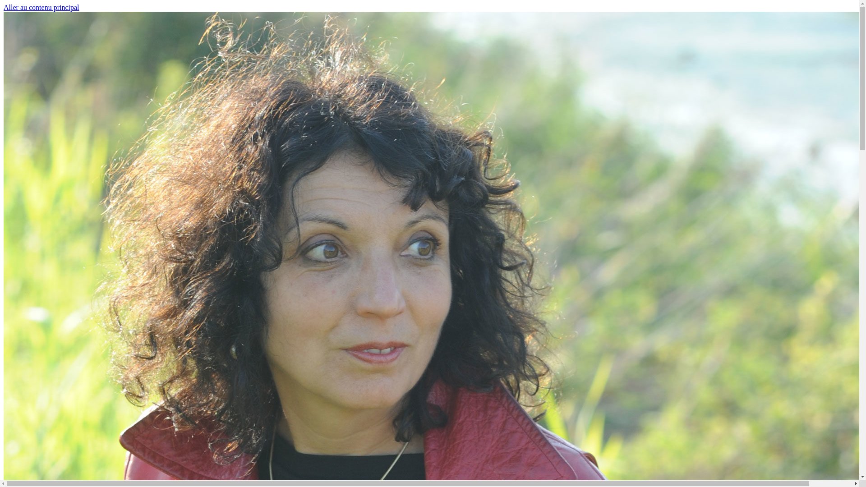 The image size is (866, 487). Describe the element at coordinates (41, 7) in the screenshot. I see `'Aller au contenu principal'` at that location.